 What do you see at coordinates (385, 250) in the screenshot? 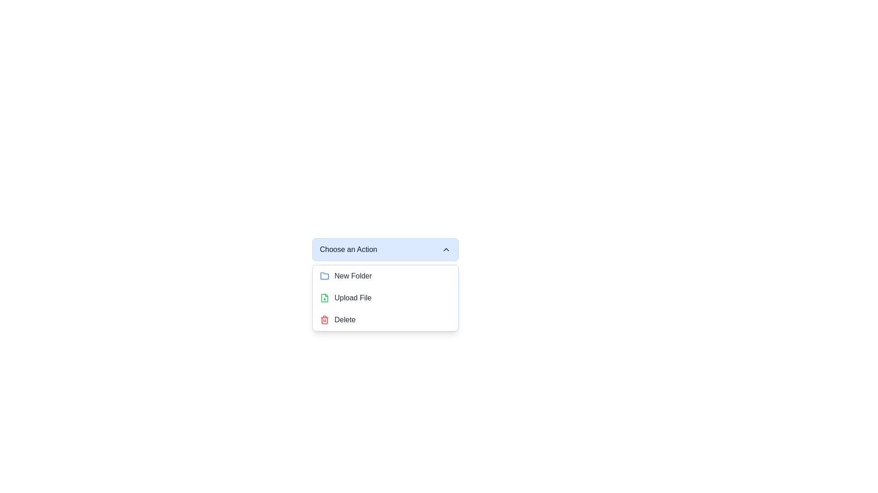
I see `the dropdown menu header by` at bounding box center [385, 250].